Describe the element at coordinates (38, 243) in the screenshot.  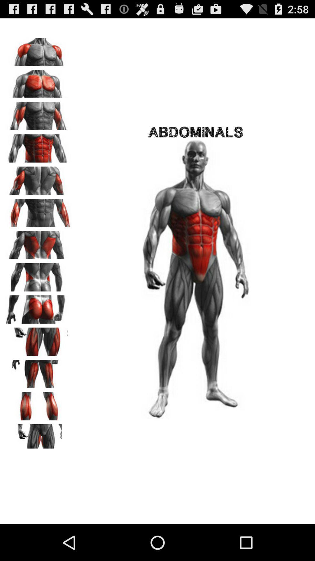
I see `change the view on the image` at that location.